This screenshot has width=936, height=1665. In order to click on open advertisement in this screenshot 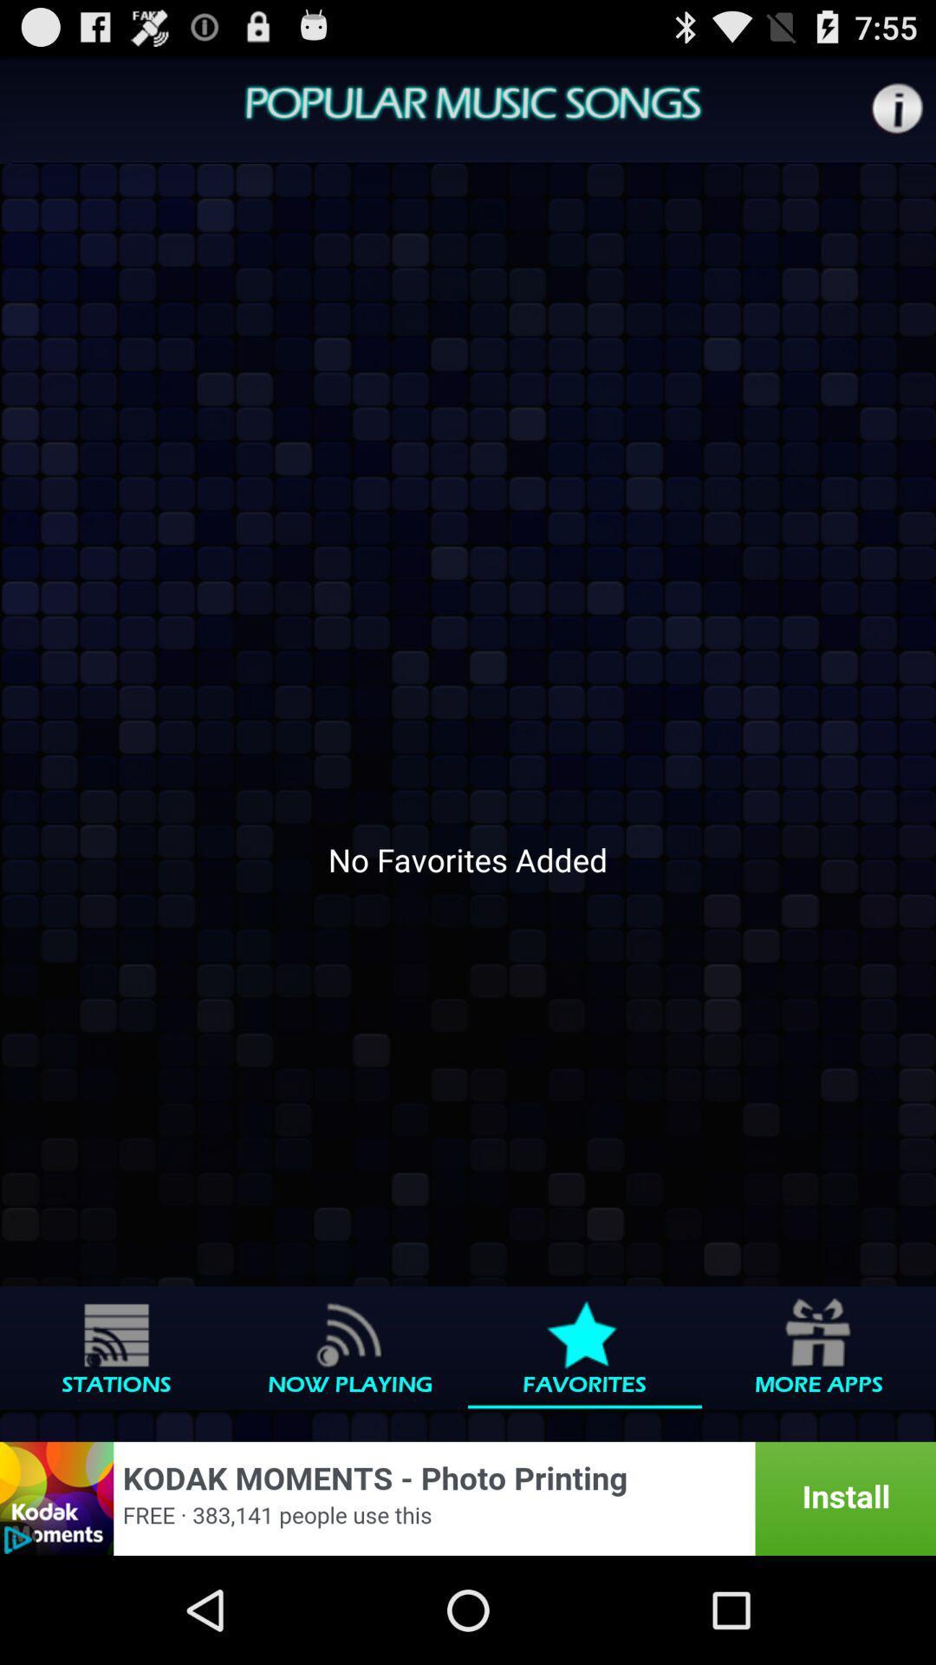, I will do `click(468, 1498)`.